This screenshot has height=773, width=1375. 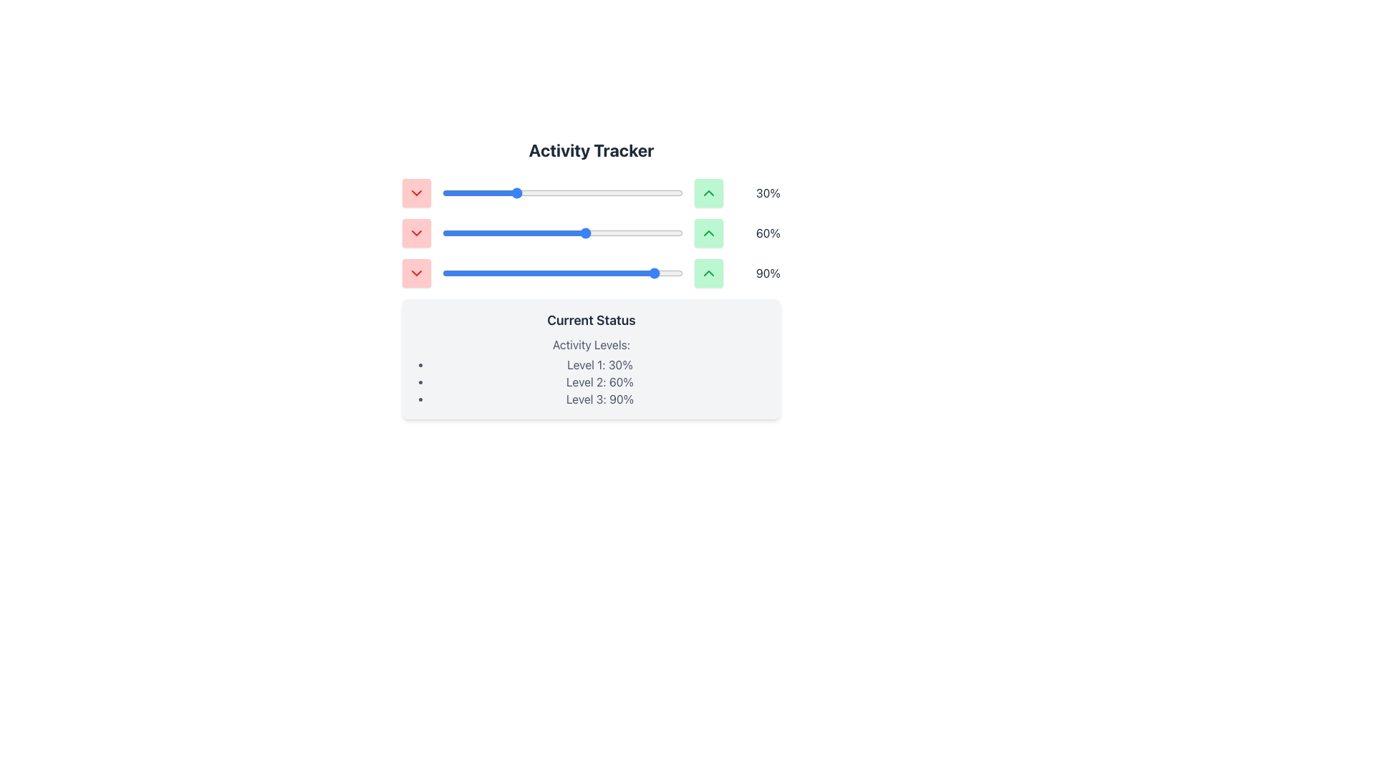 I want to click on the slider, so click(x=663, y=273).